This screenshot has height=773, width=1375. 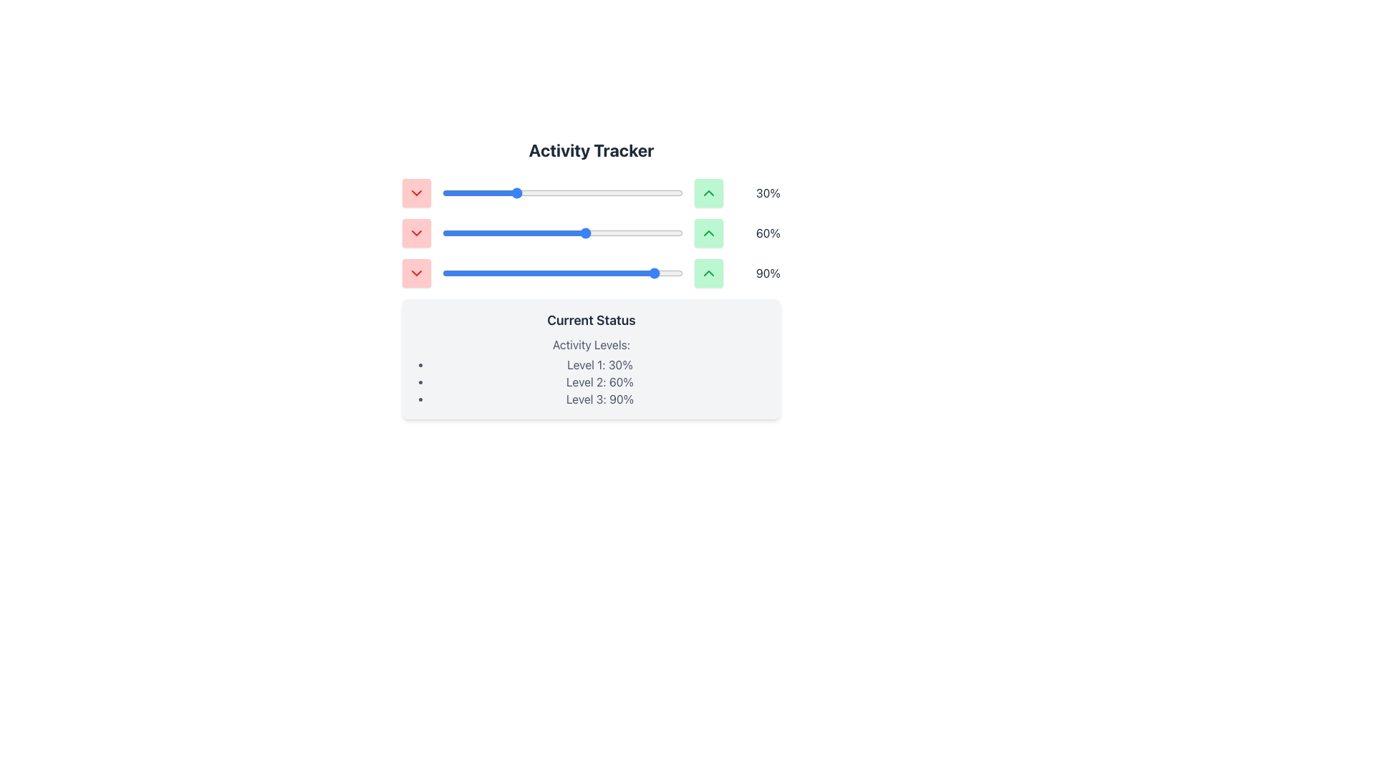 I want to click on the slider, so click(x=663, y=273).